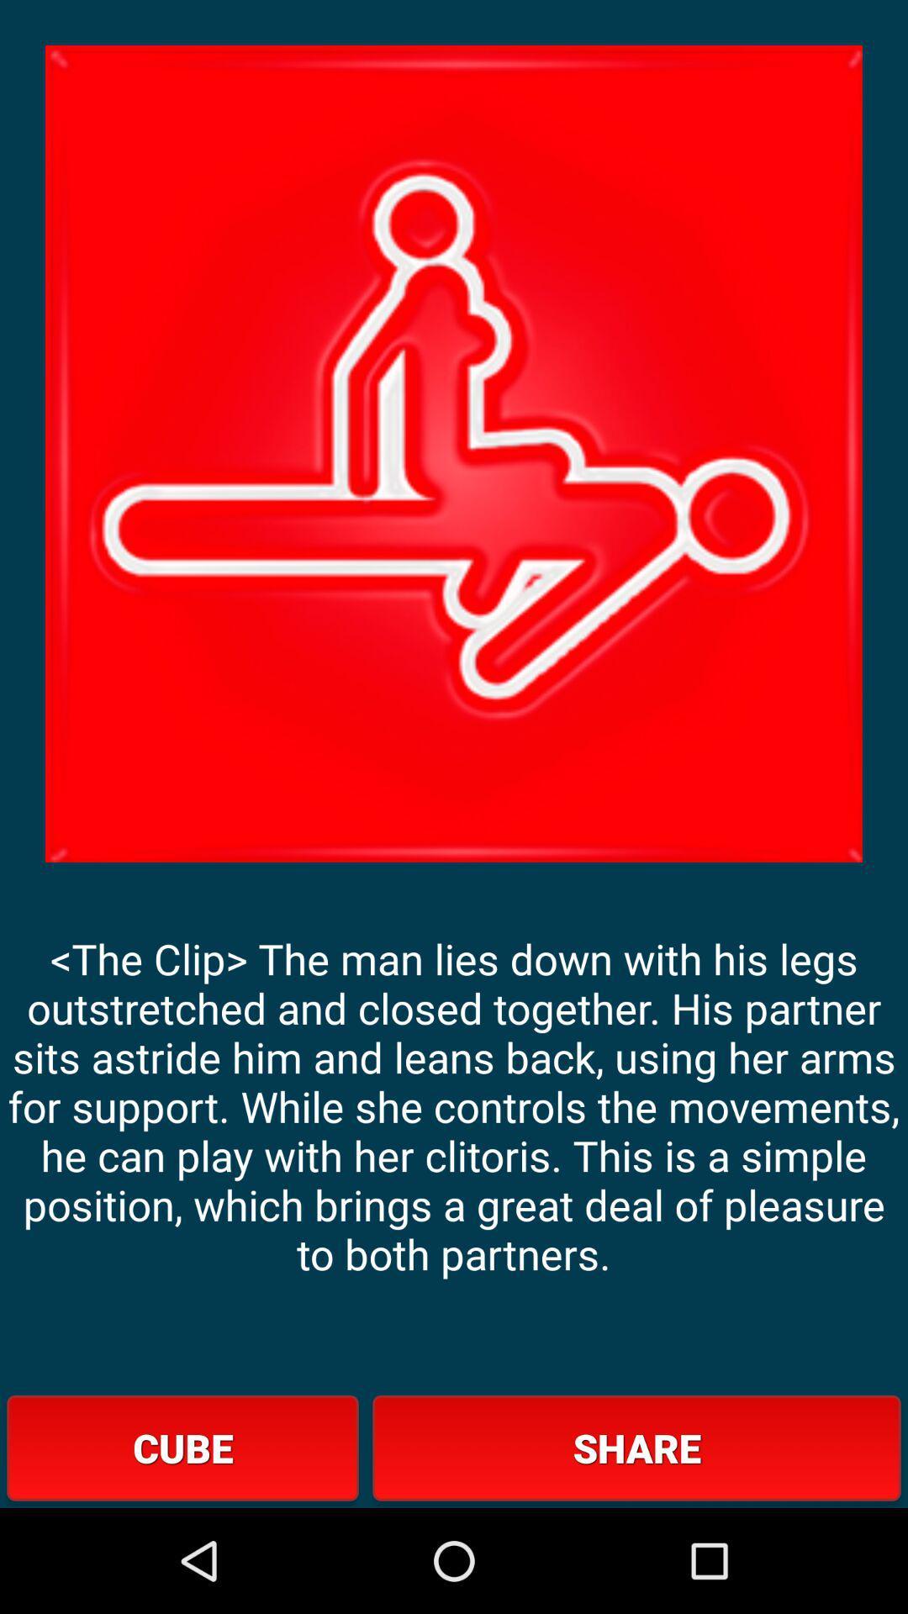 This screenshot has height=1614, width=908. I want to click on icon below the the clip the app, so click(636, 1447).